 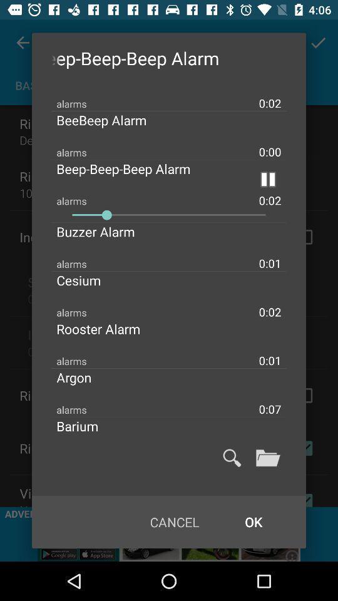 What do you see at coordinates (87, 426) in the screenshot?
I see `barium` at bounding box center [87, 426].